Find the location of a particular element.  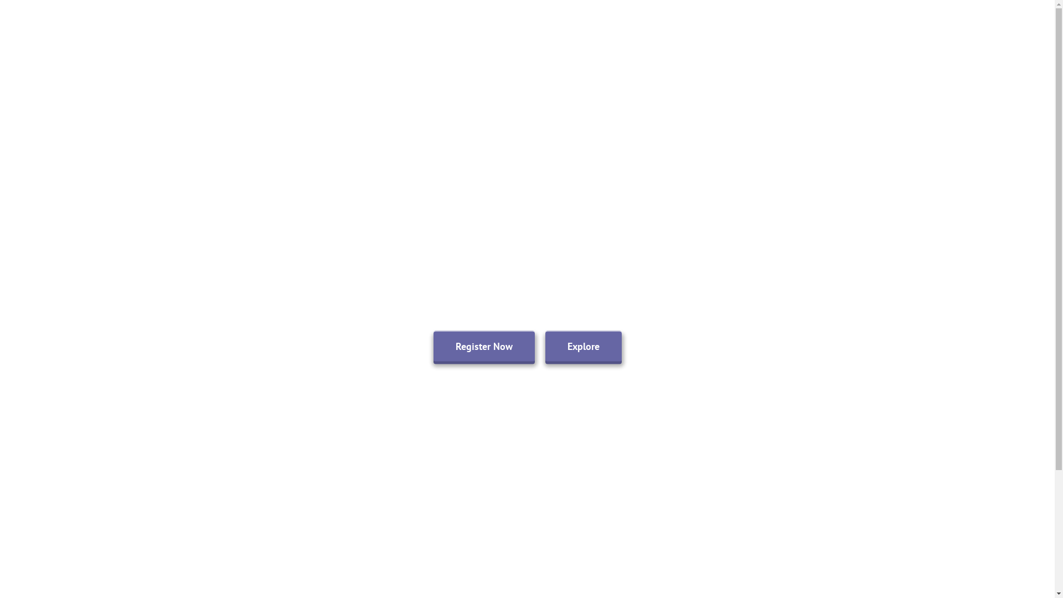

'Explore' is located at coordinates (582, 345).